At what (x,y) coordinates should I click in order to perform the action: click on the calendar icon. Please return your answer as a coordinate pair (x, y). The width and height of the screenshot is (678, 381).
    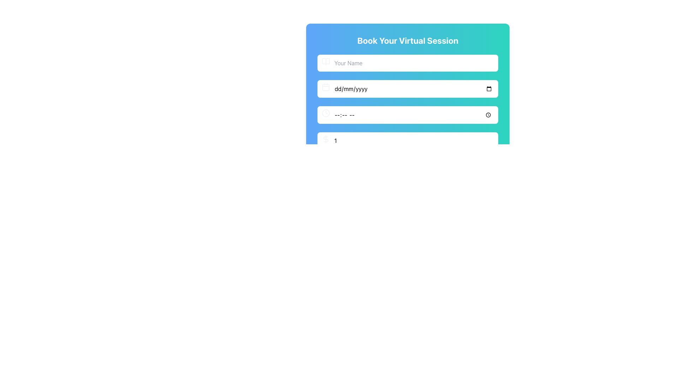
    Looking at the image, I should click on (325, 86).